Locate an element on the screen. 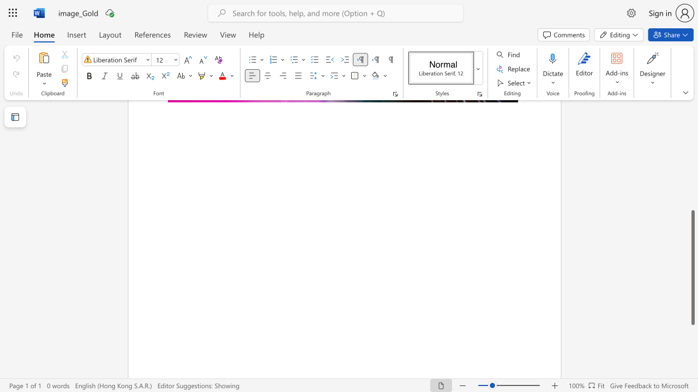  the scrollbar on the right to shift the page higher is located at coordinates (692, 184).